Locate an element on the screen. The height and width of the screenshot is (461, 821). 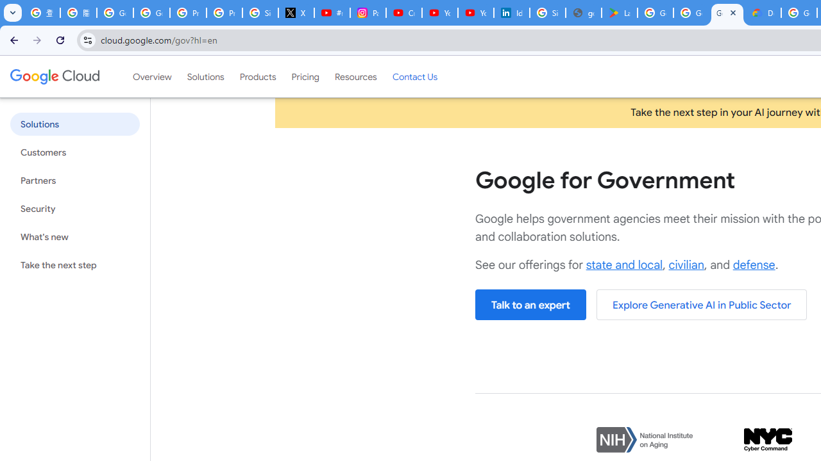
'NYC' is located at coordinates (768, 439).